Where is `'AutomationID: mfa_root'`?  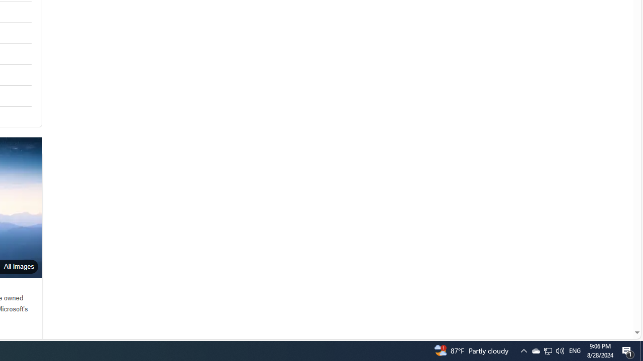
'AutomationID: mfa_root' is located at coordinates (599, 302).